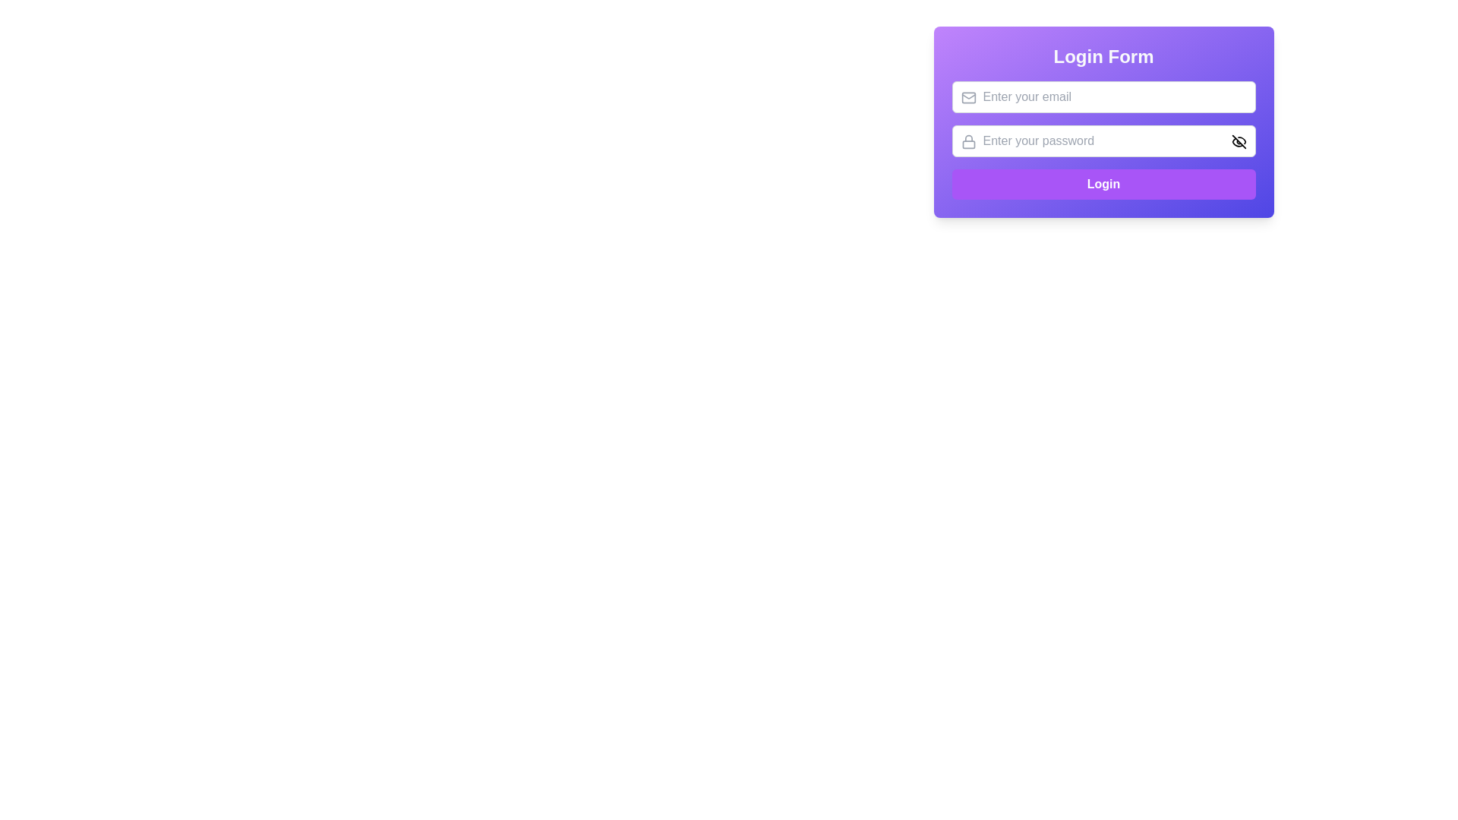 This screenshot has width=1458, height=820. Describe the element at coordinates (1103, 55) in the screenshot. I see `the 'Login Form' text label, which is a bold and large font element positioned at the top of the login form card with a gradient purple-to-indigo background` at that location.